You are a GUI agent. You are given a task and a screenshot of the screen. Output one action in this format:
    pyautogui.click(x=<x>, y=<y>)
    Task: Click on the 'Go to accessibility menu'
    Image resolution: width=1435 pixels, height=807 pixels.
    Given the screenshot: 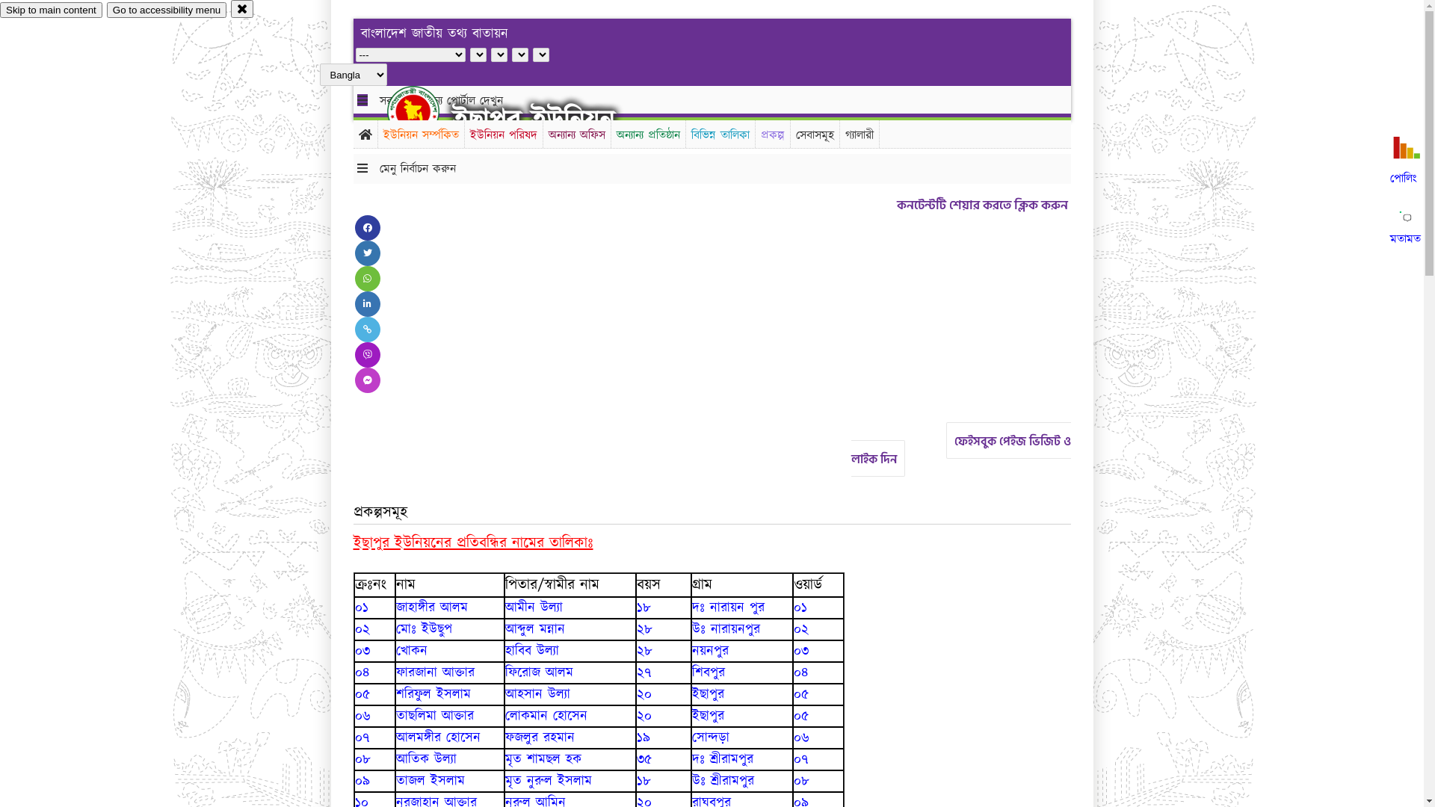 What is the action you would take?
    pyautogui.click(x=106, y=10)
    